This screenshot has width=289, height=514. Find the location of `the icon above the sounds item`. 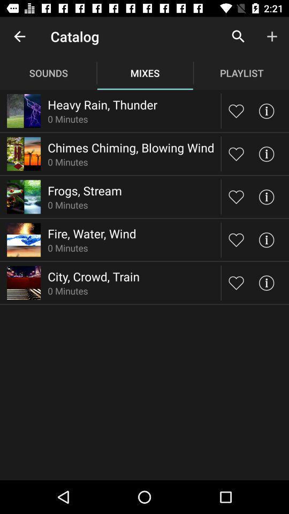

the icon above the sounds item is located at coordinates (19, 36).